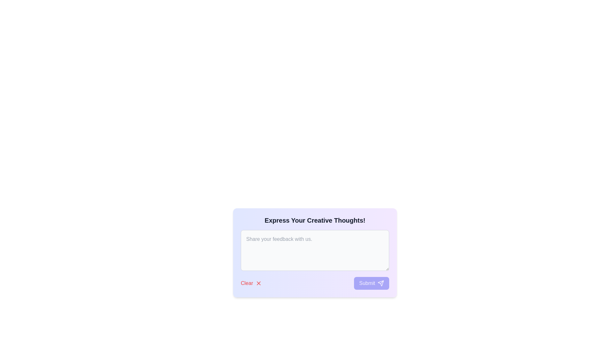 Image resolution: width=614 pixels, height=345 pixels. Describe the element at coordinates (372, 283) in the screenshot. I see `the submit button located at the lower-right corner of the feedback submission interface` at that location.